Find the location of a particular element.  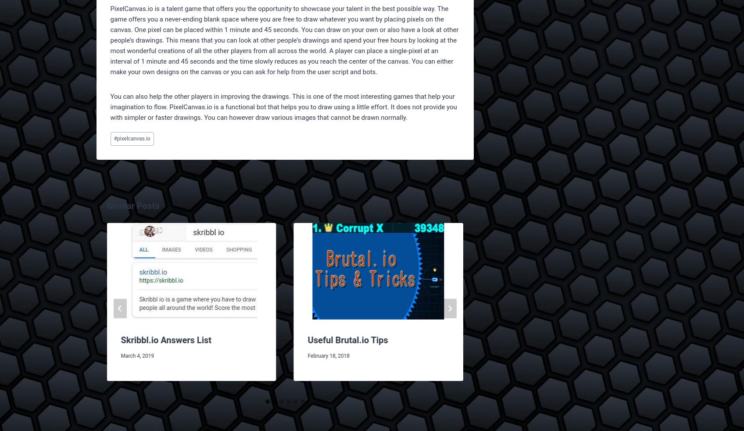

'You can also help the other players in improving the drawings. This is one of the most interesting games that help your imagination to flow. PixelCanvas.io is a functional bot that helps you to draw using a little effort. It does not provide you with simpler or faster drawings. You can however draw various images that cannot be drawn normally.' is located at coordinates (283, 107).